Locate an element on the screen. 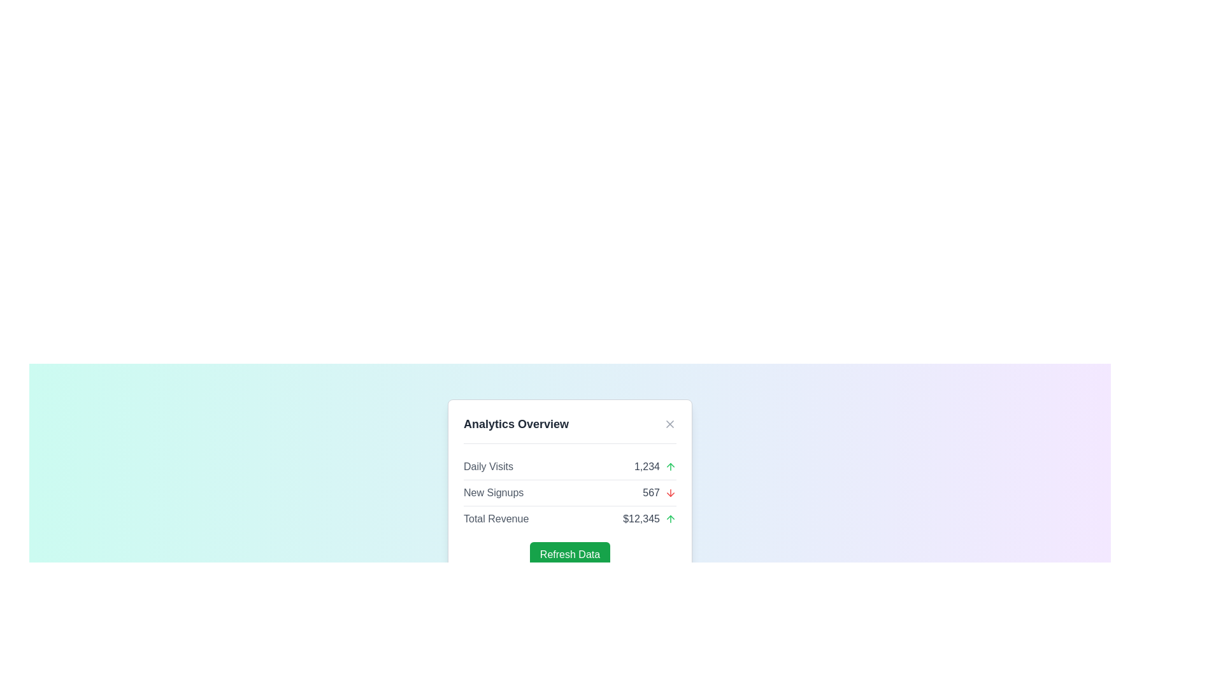  the refresh button located at the bottom of the 'Analytics Overview' card to refresh the displayed analytics data is located at coordinates (569, 554).